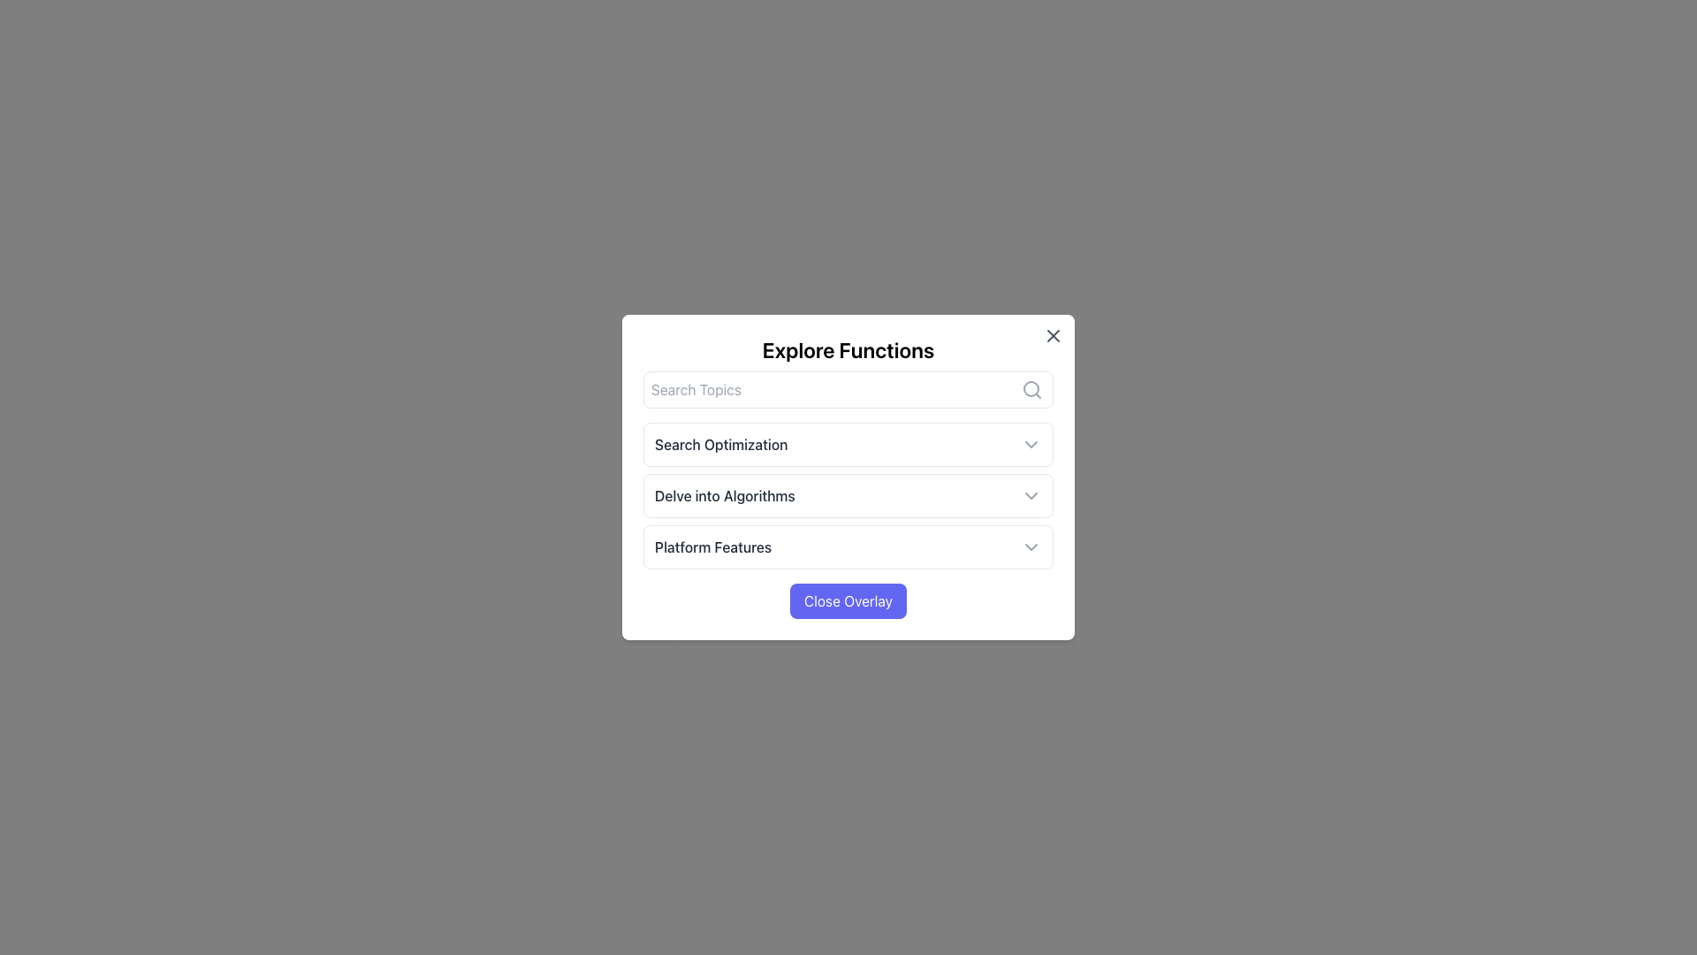  Describe the element at coordinates (848, 477) in the screenshot. I see `the 'Delve into Algorithms' dropdown menu` at that location.